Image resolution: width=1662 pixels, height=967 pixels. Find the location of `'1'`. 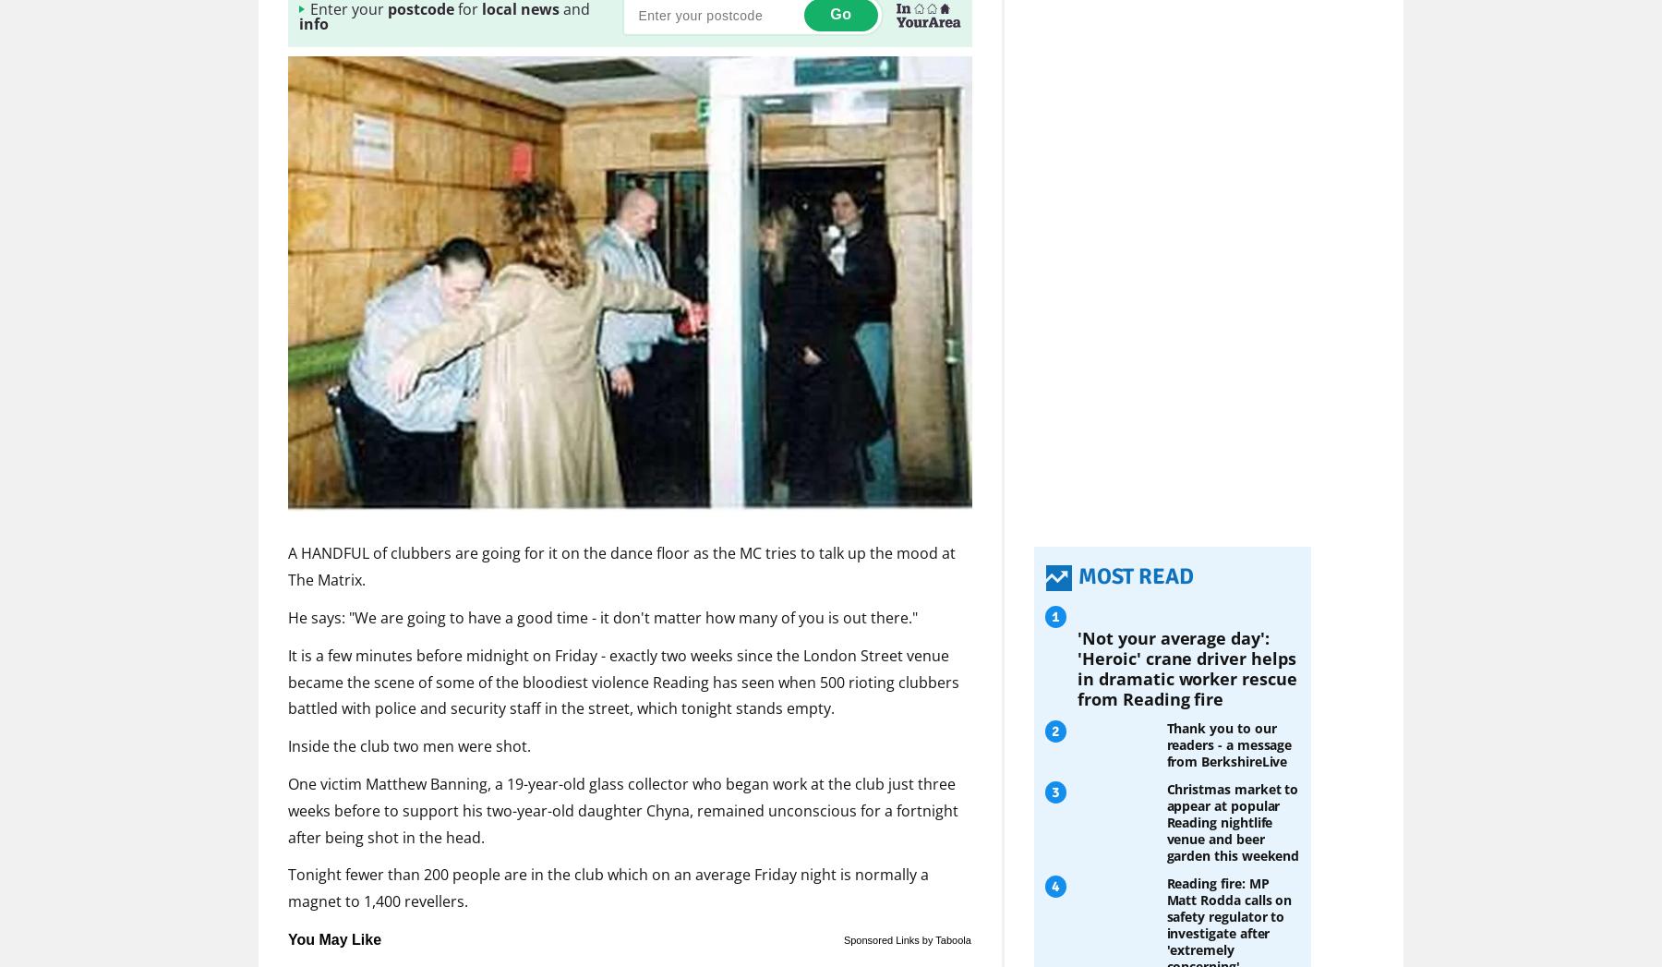

'1' is located at coordinates (1054, 615).